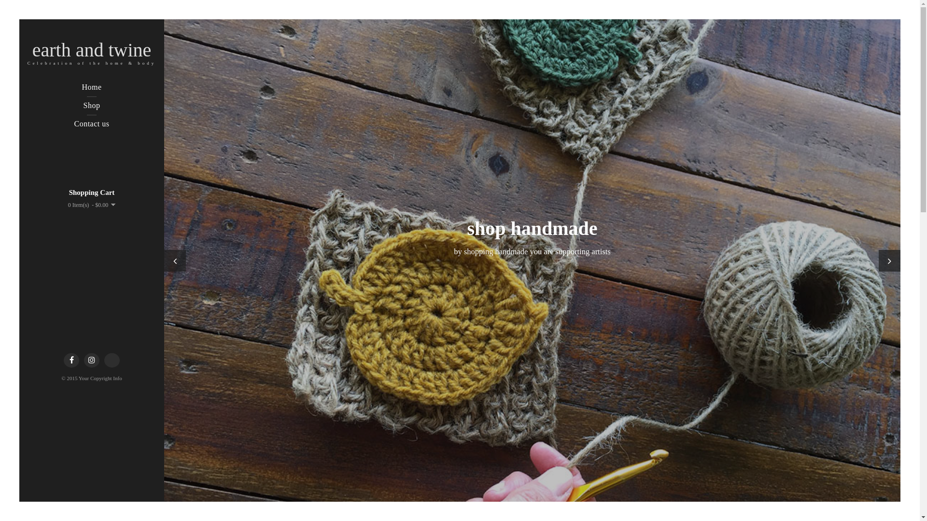  I want to click on 'Instagram', so click(92, 360).